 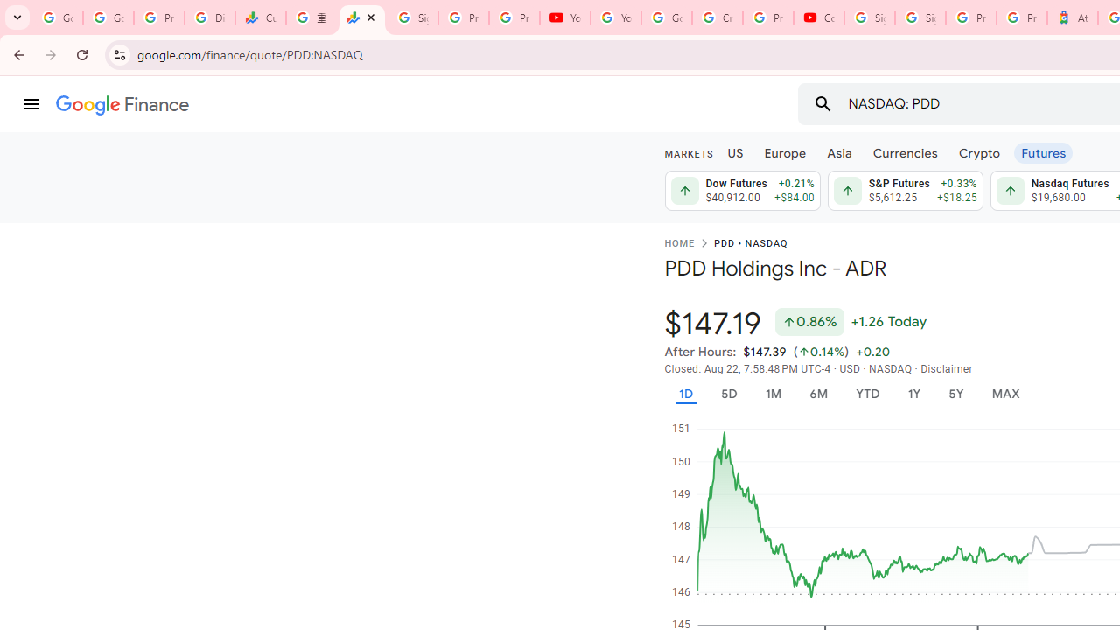 What do you see at coordinates (1005, 394) in the screenshot?
I see `'MAX'` at bounding box center [1005, 394].